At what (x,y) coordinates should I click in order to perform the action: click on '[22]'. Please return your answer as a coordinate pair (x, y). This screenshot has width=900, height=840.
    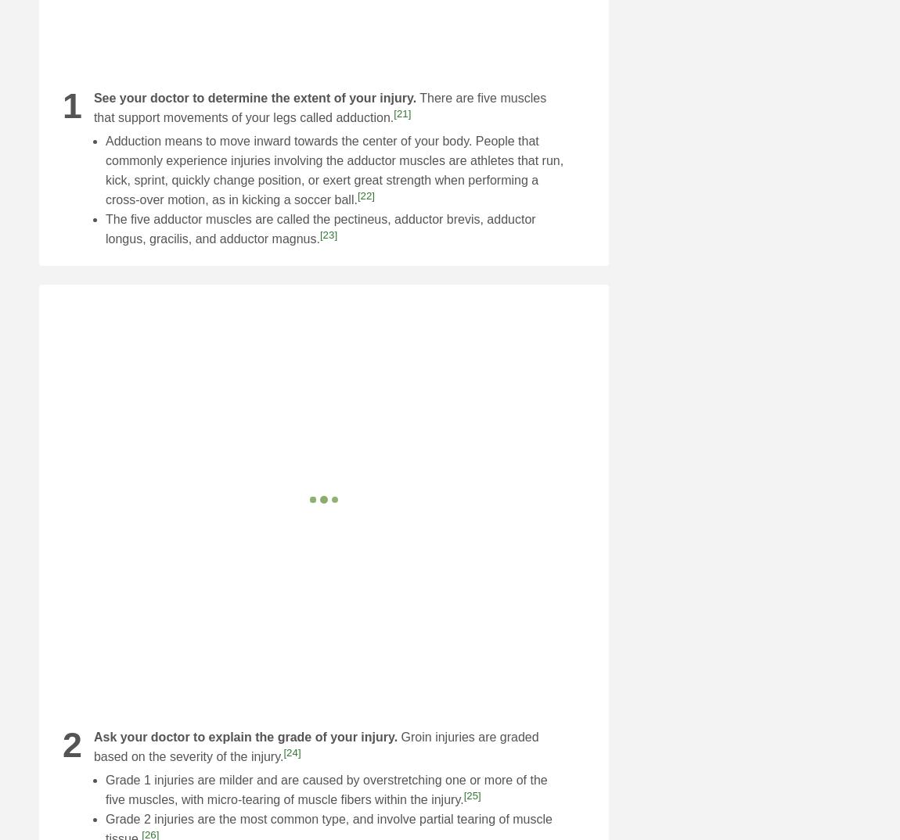
    Looking at the image, I should click on (365, 194).